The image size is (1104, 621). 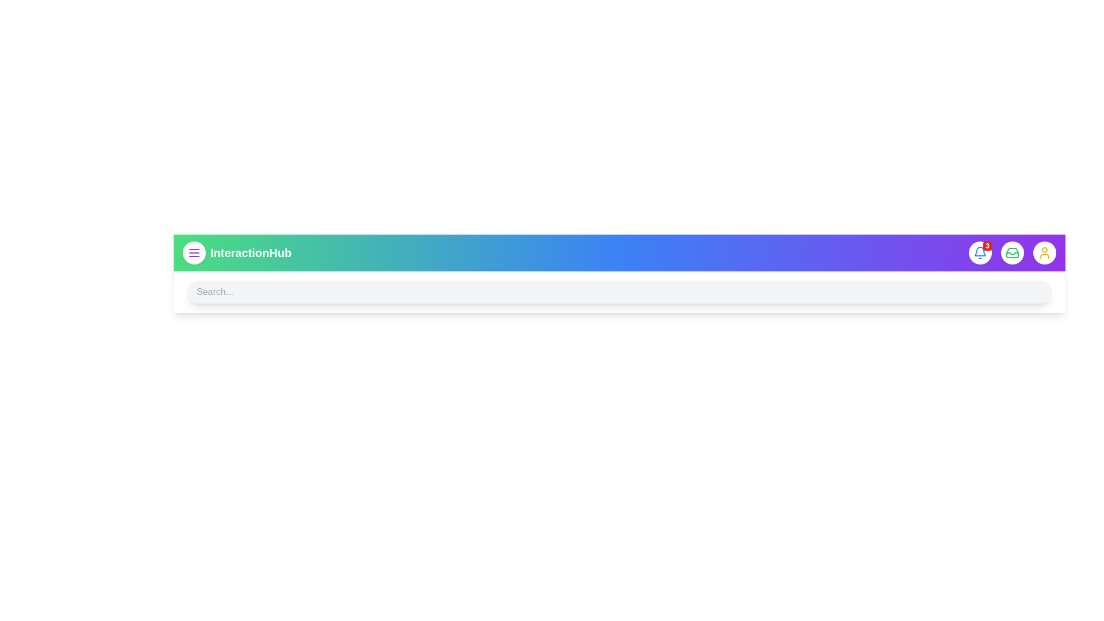 What do you see at coordinates (194, 252) in the screenshot?
I see `the menu icon to toggle the menu visibility` at bounding box center [194, 252].